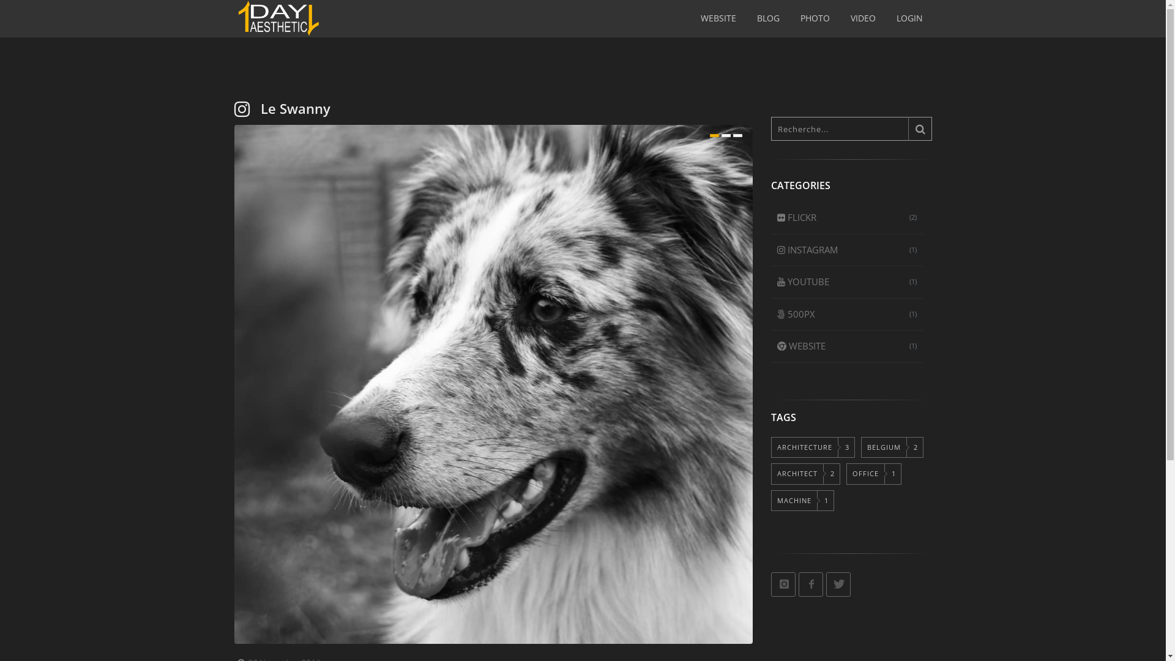 This screenshot has height=661, width=1175. What do you see at coordinates (802, 500) in the screenshot?
I see `'MACHINE` at bounding box center [802, 500].